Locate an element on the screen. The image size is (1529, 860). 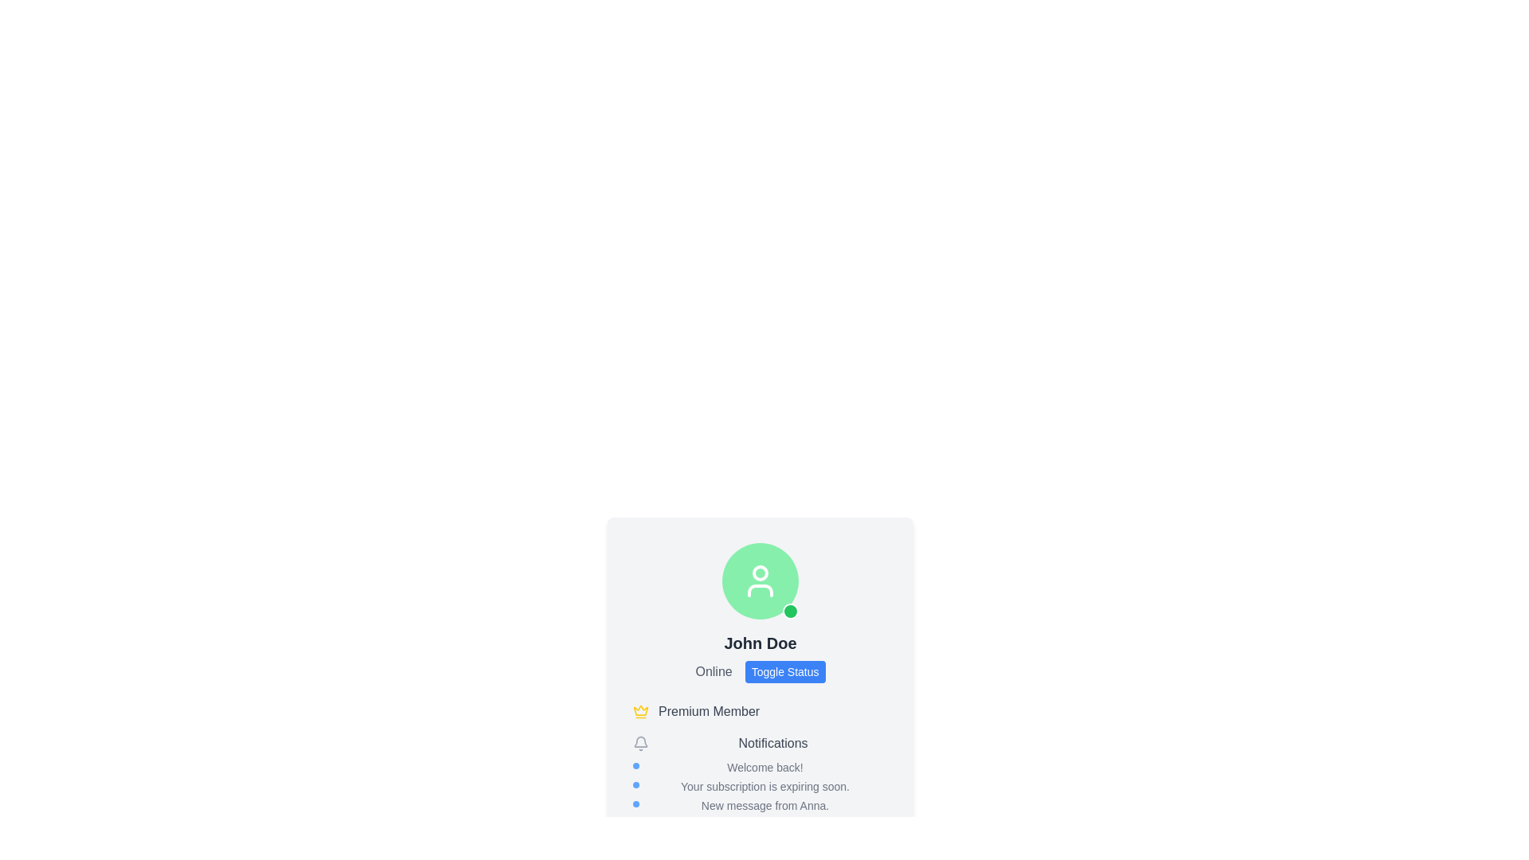
the Label with Icon that serves as a welcome notification, located as the first item in the notifications list is located at coordinates (760, 767).